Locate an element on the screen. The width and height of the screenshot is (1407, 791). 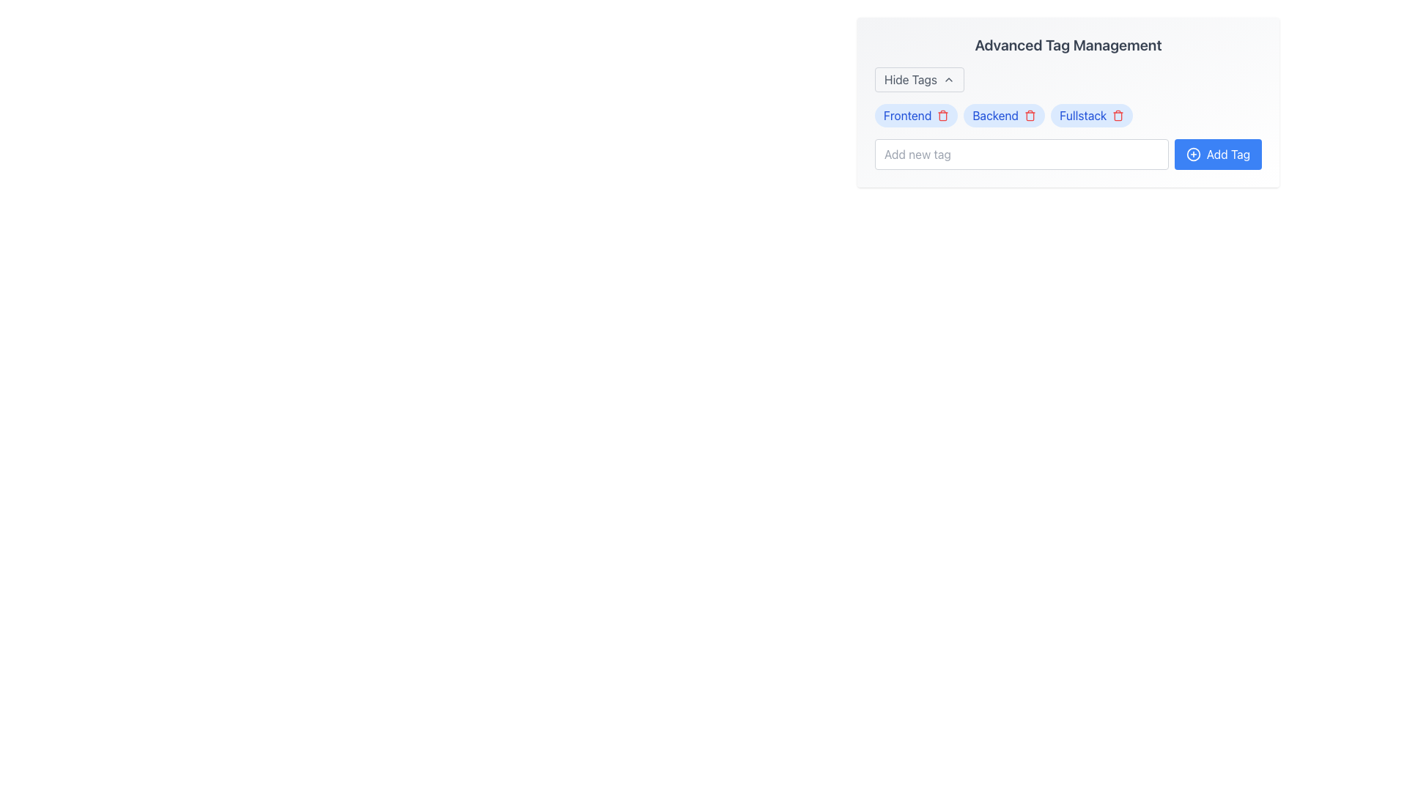
the button that adds a new tag, located to the right of the 'Add new tag' input field, to observe the styling change is located at coordinates (1218, 155).